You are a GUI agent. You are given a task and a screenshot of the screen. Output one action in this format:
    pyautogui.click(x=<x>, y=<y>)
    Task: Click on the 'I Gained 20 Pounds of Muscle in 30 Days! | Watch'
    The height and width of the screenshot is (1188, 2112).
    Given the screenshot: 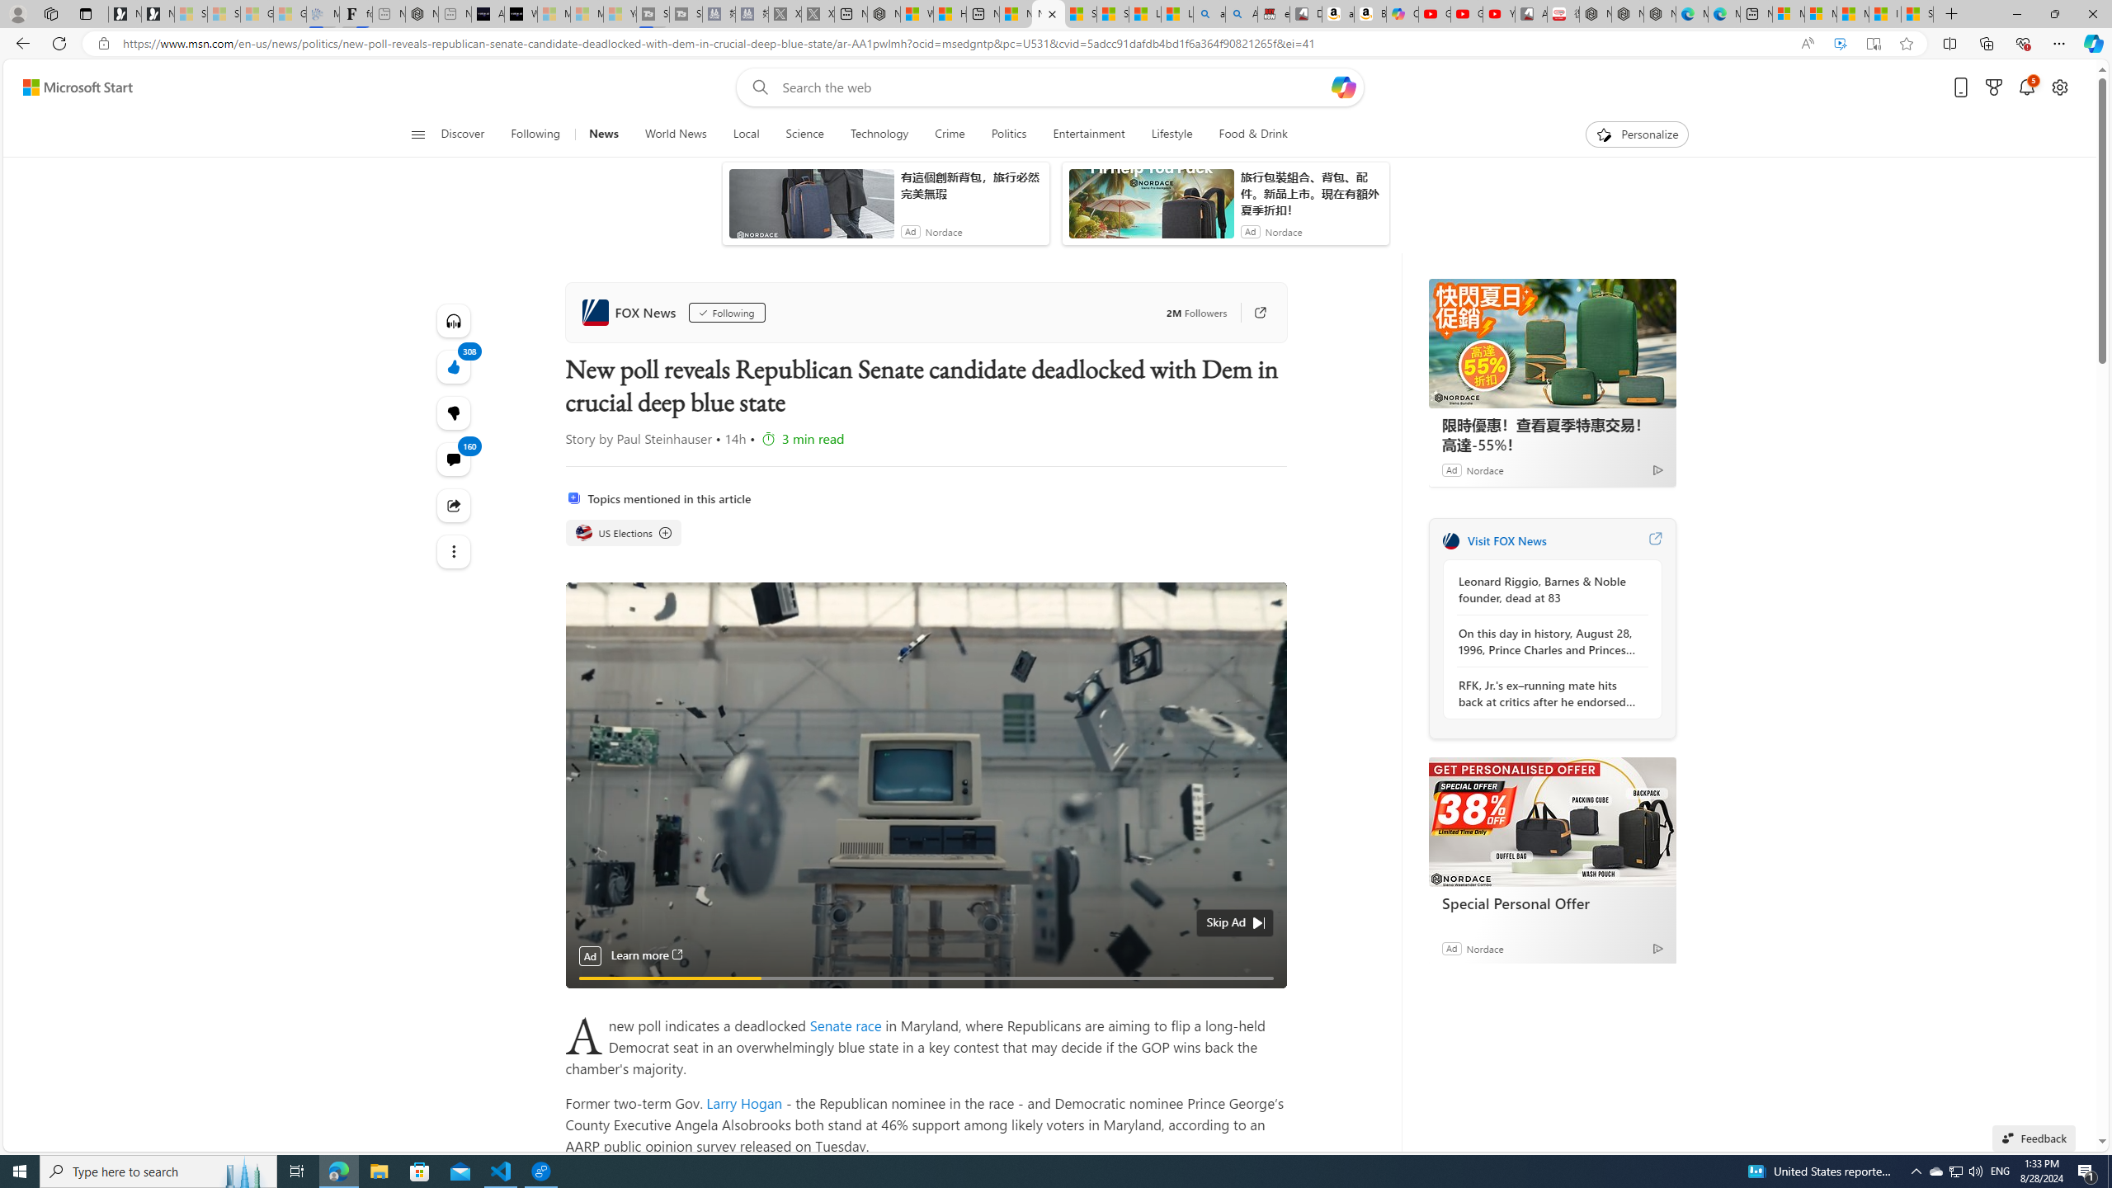 What is the action you would take?
    pyautogui.click(x=1886, y=13)
    